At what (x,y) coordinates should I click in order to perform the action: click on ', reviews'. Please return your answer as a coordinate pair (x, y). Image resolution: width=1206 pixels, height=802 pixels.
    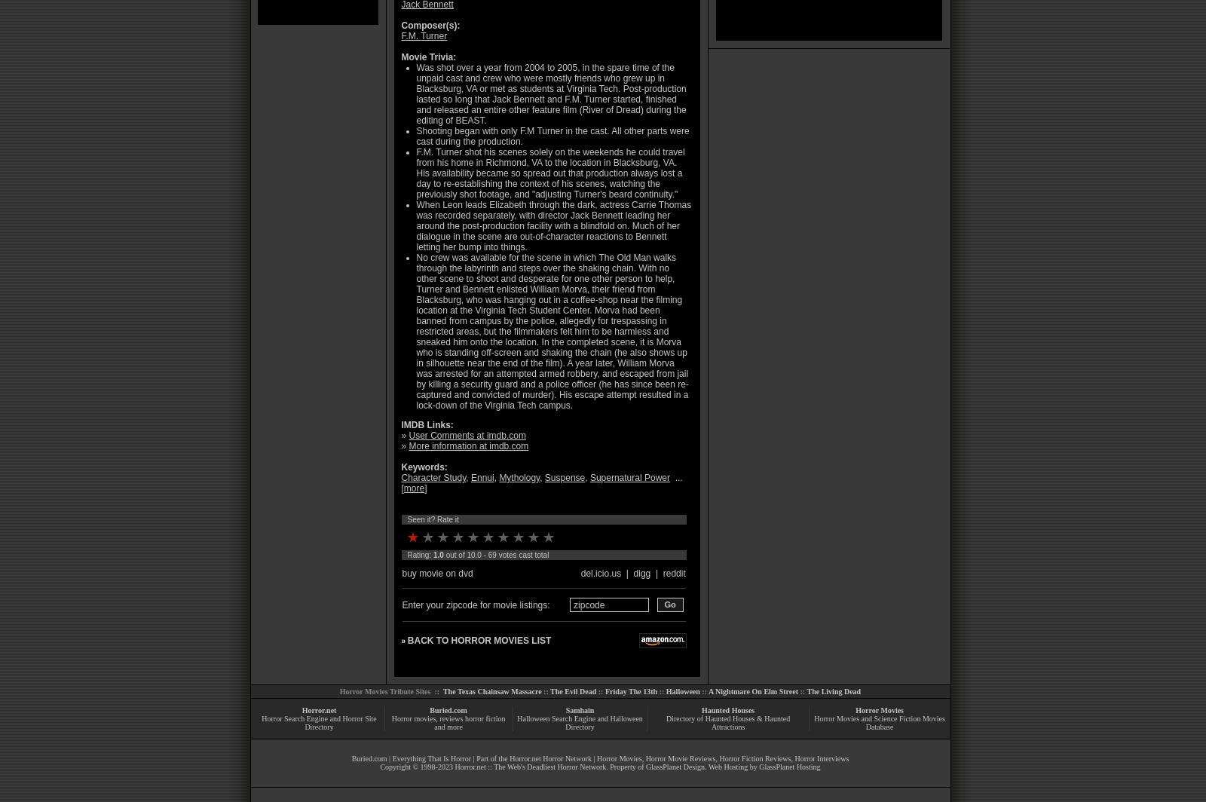
    Looking at the image, I should click on (448, 718).